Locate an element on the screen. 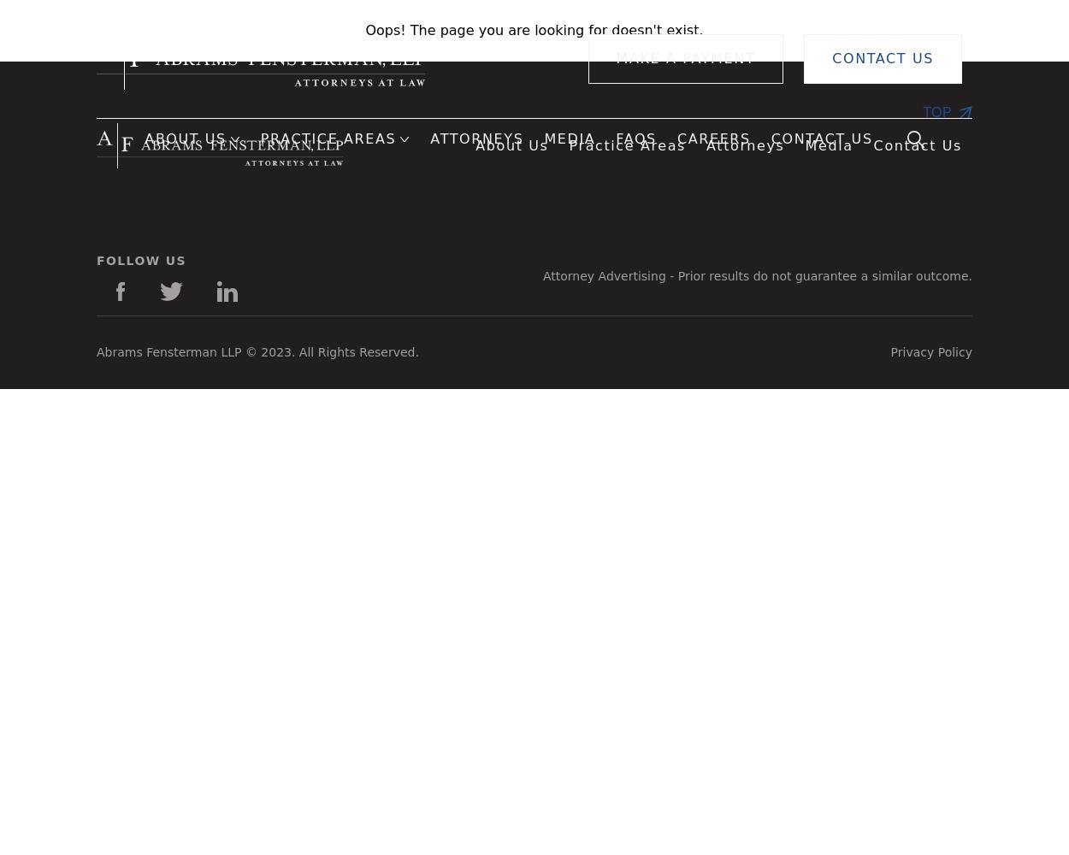 The image size is (1069, 855). 'Our History' is located at coordinates (63, 228).